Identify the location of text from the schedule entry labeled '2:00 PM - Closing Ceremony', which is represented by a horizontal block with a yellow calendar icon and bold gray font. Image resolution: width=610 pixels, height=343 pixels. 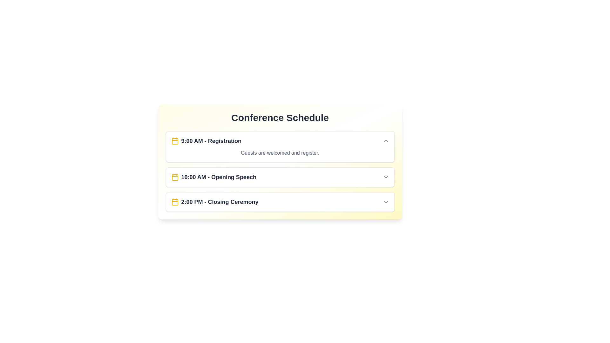
(215, 202).